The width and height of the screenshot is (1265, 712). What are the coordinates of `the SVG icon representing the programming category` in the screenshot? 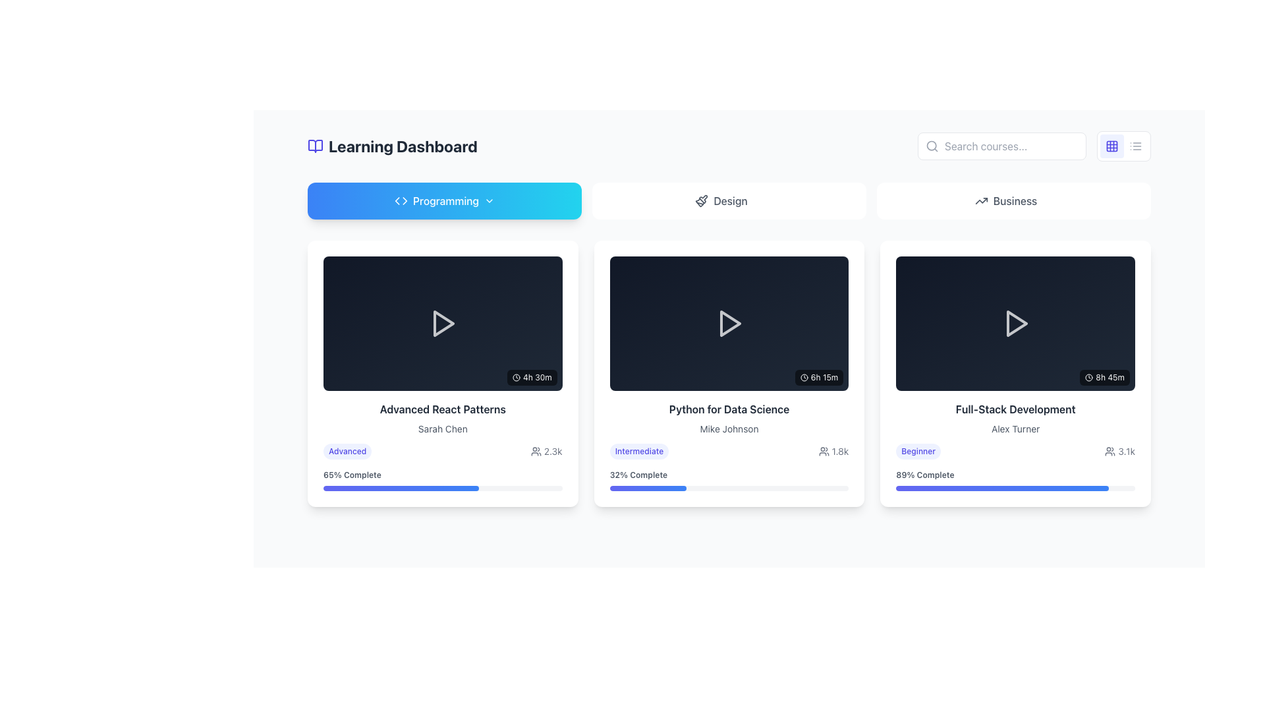 It's located at (400, 200).